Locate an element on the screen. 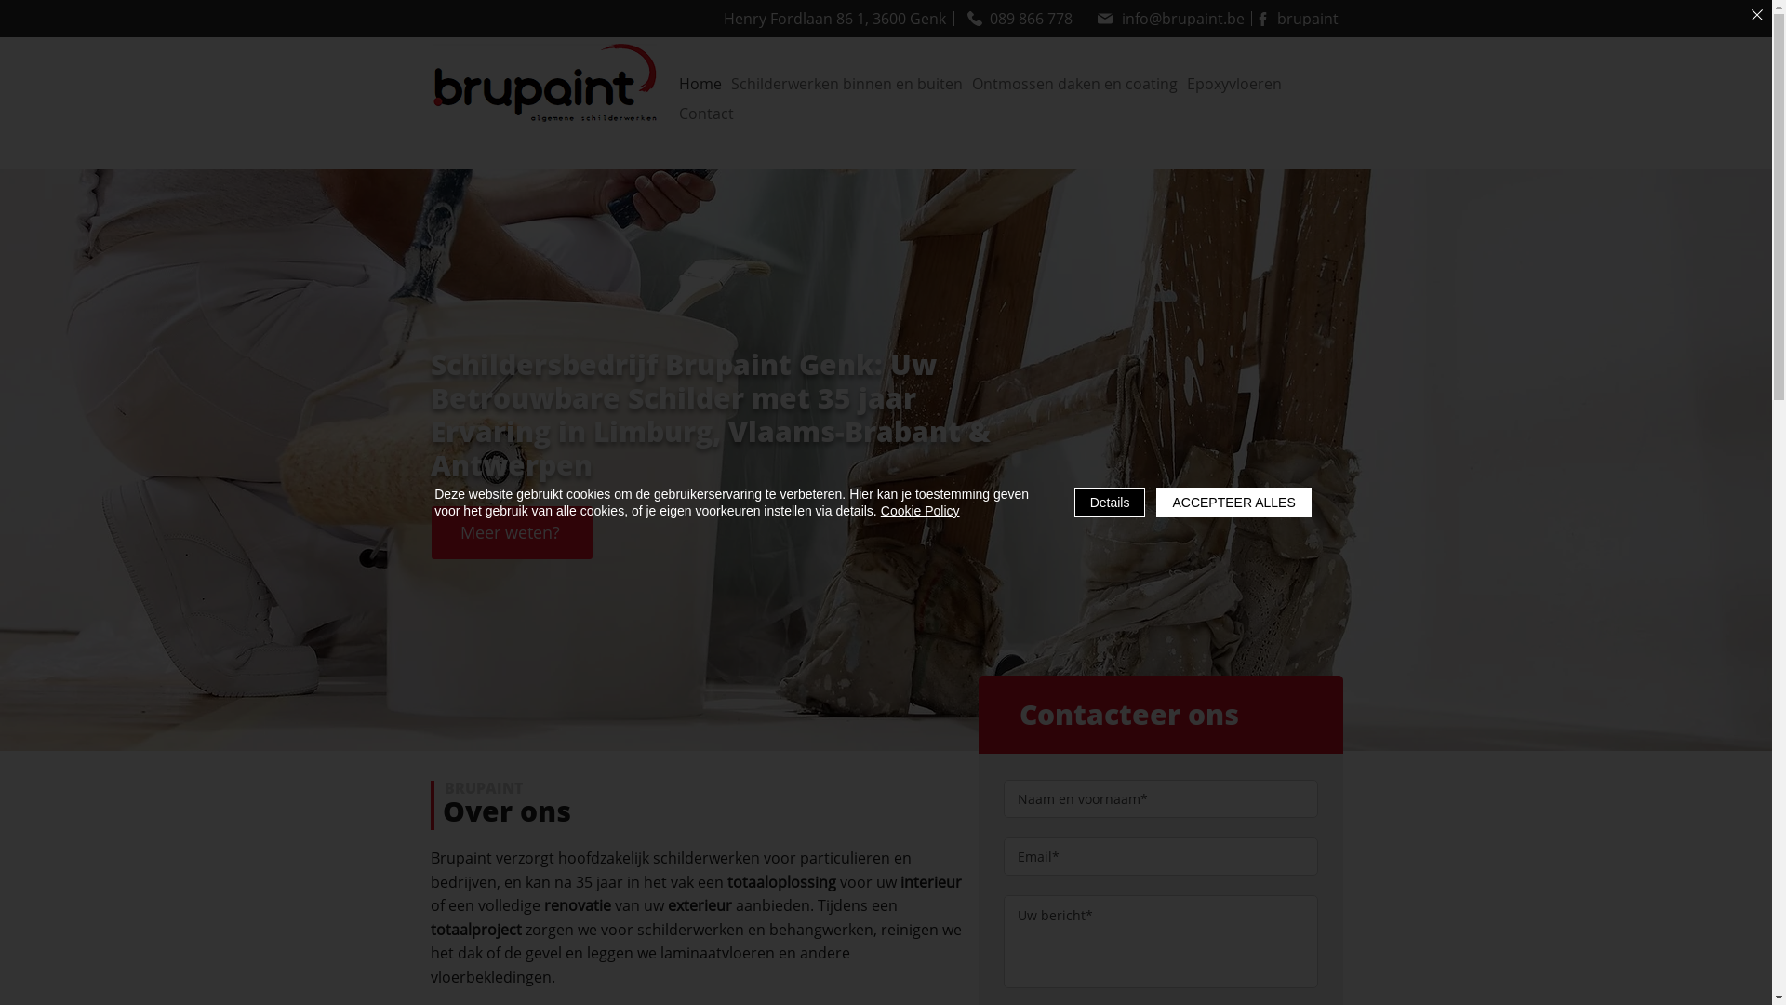  'Epoxyvloeren' is located at coordinates (1233, 82).